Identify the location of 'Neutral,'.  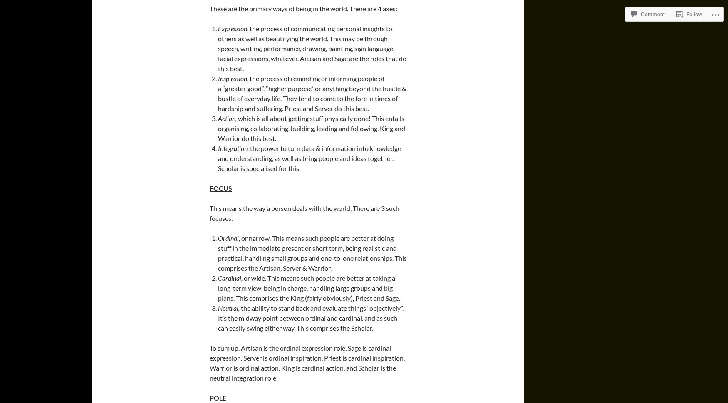
(228, 308).